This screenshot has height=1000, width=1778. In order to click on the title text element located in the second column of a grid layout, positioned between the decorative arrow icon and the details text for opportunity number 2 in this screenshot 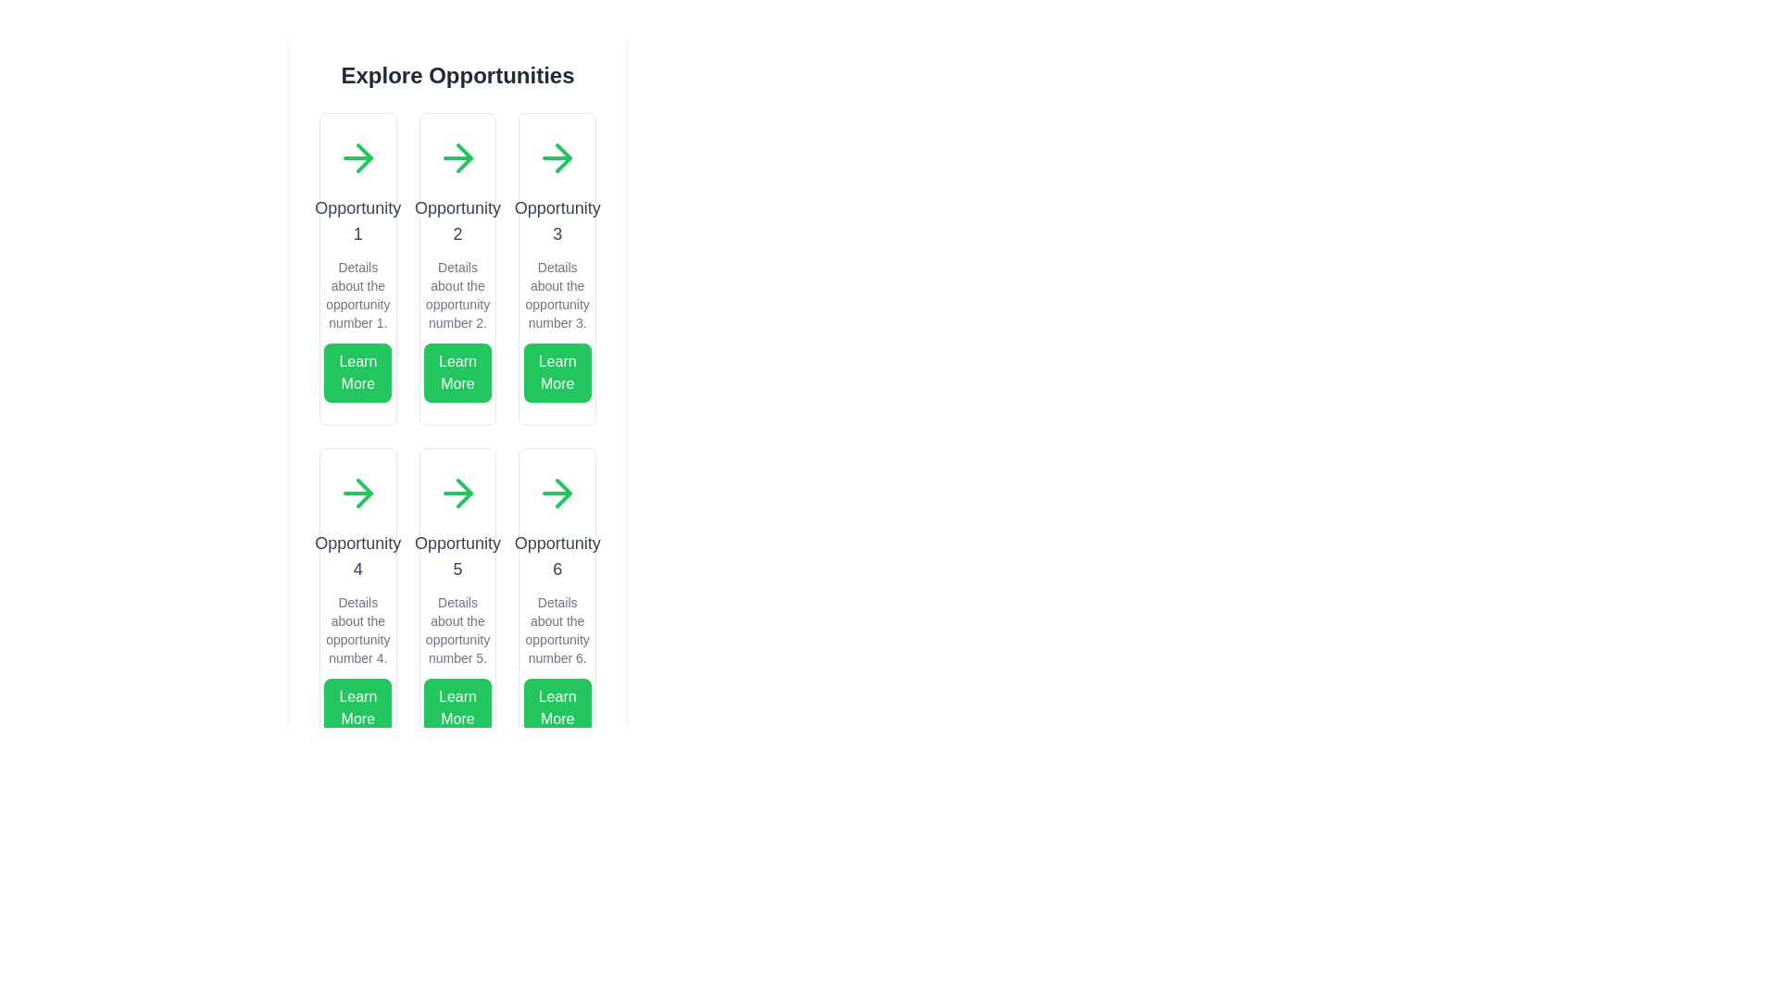, I will do `click(457, 220)`.